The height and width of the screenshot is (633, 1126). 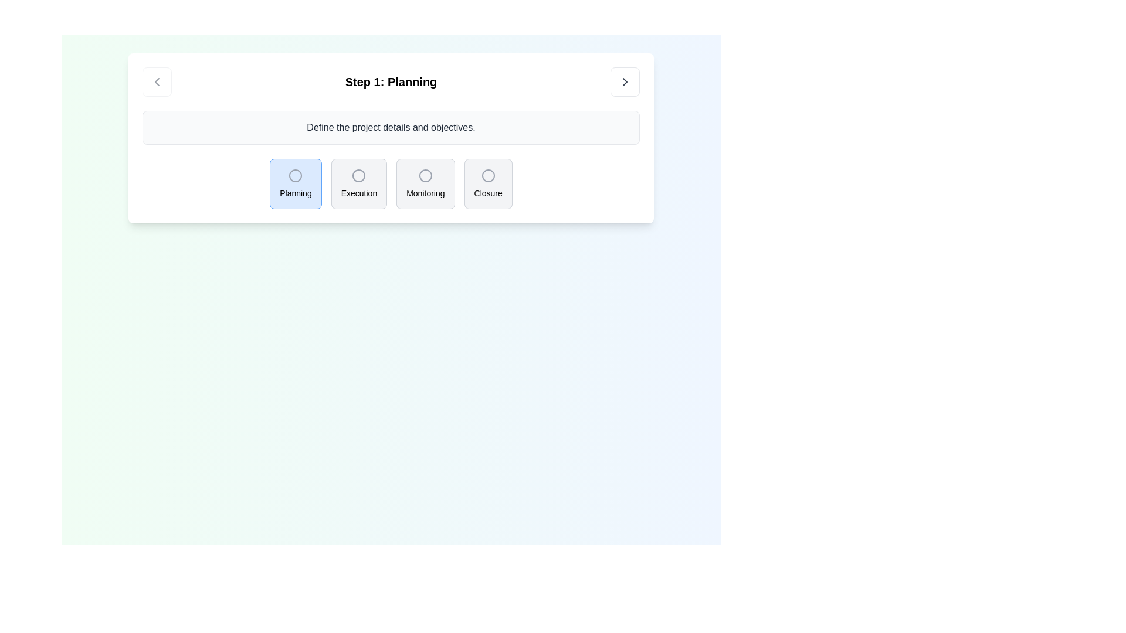 I want to click on the navigational icon located in the top-right corner of the 'Step 1: Planning' modal, so click(x=624, y=81).